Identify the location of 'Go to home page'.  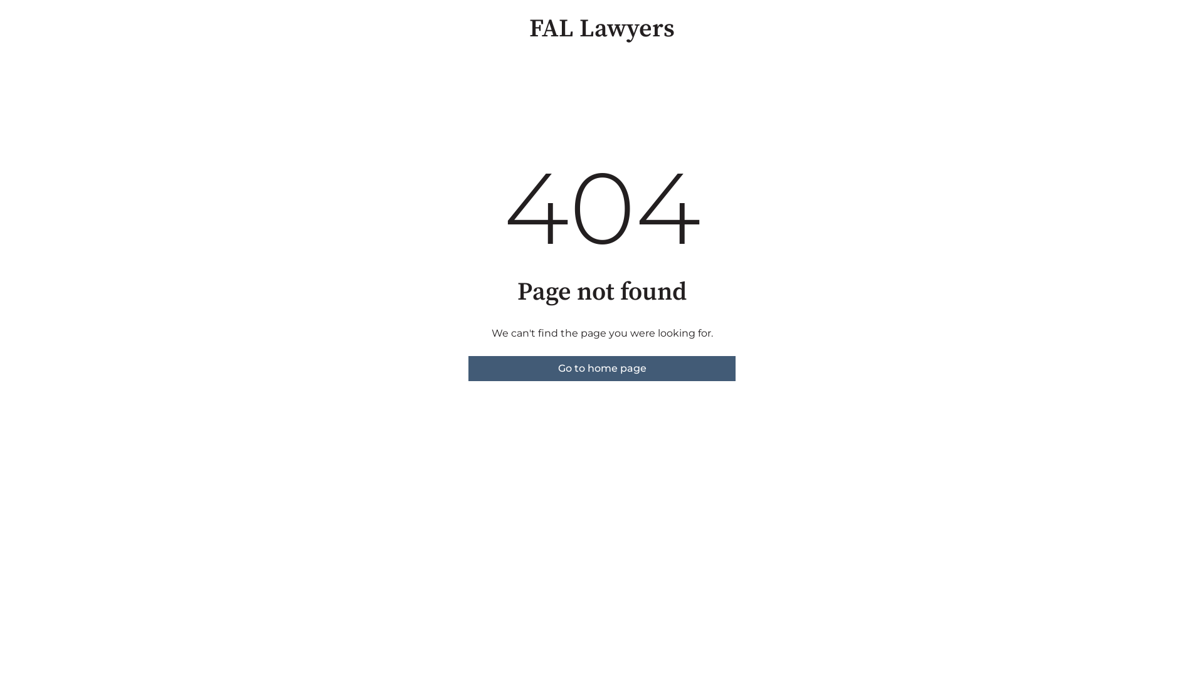
(602, 367).